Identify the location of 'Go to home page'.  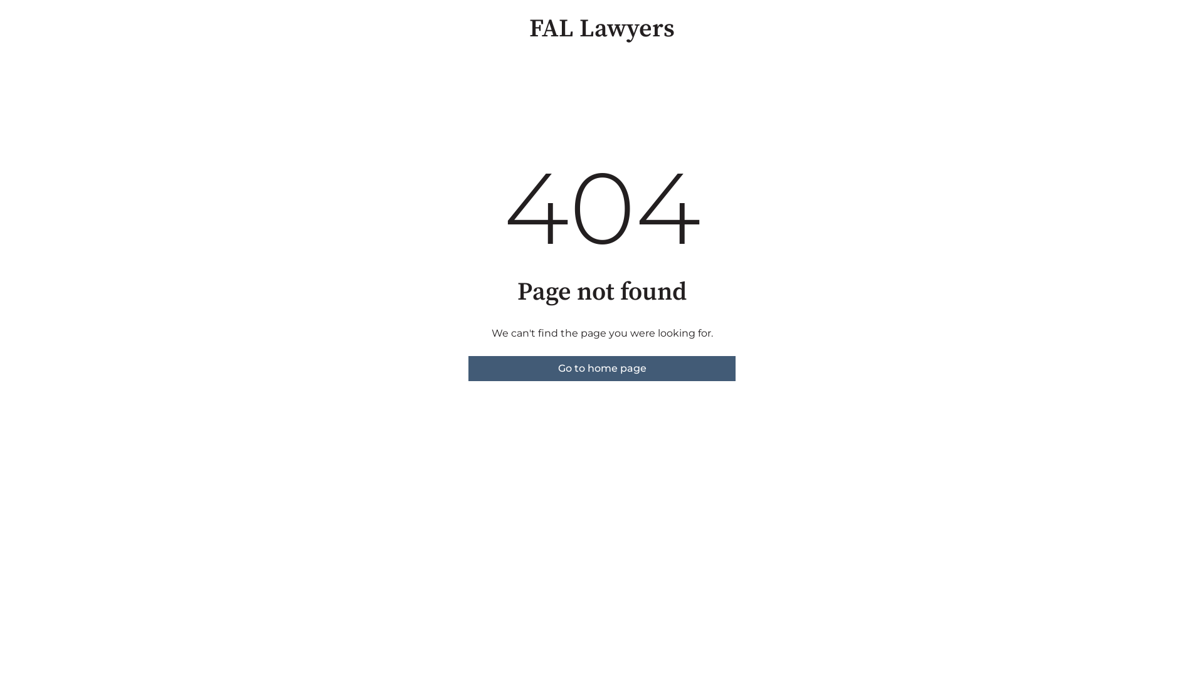
(602, 367).